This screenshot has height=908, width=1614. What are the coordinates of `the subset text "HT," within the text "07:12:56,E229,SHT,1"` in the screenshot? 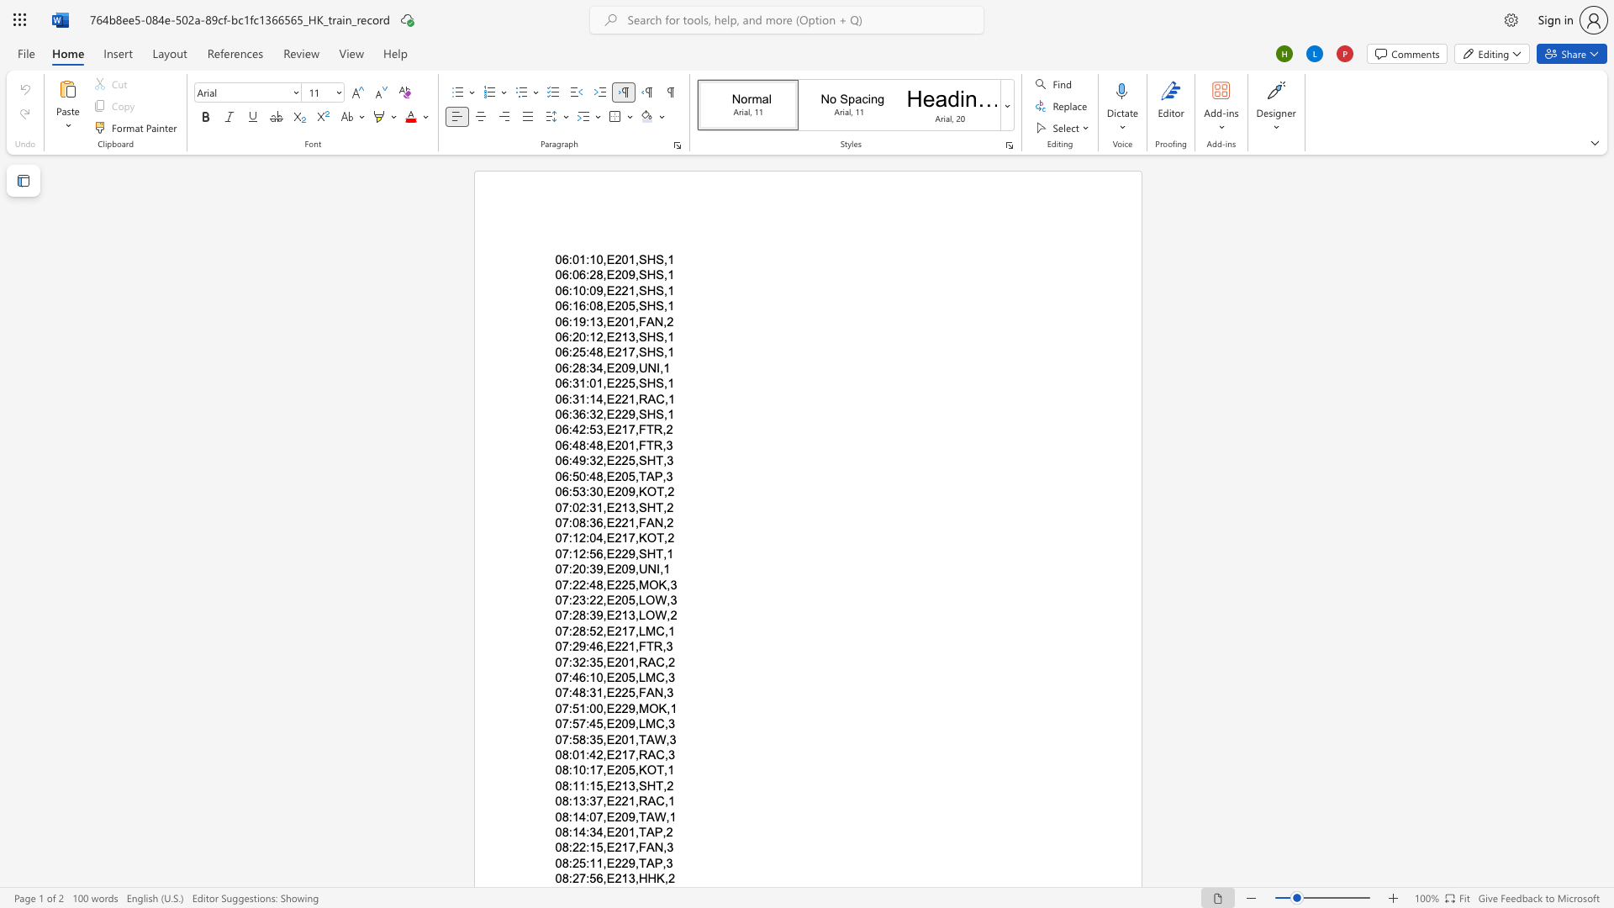 It's located at (646, 553).